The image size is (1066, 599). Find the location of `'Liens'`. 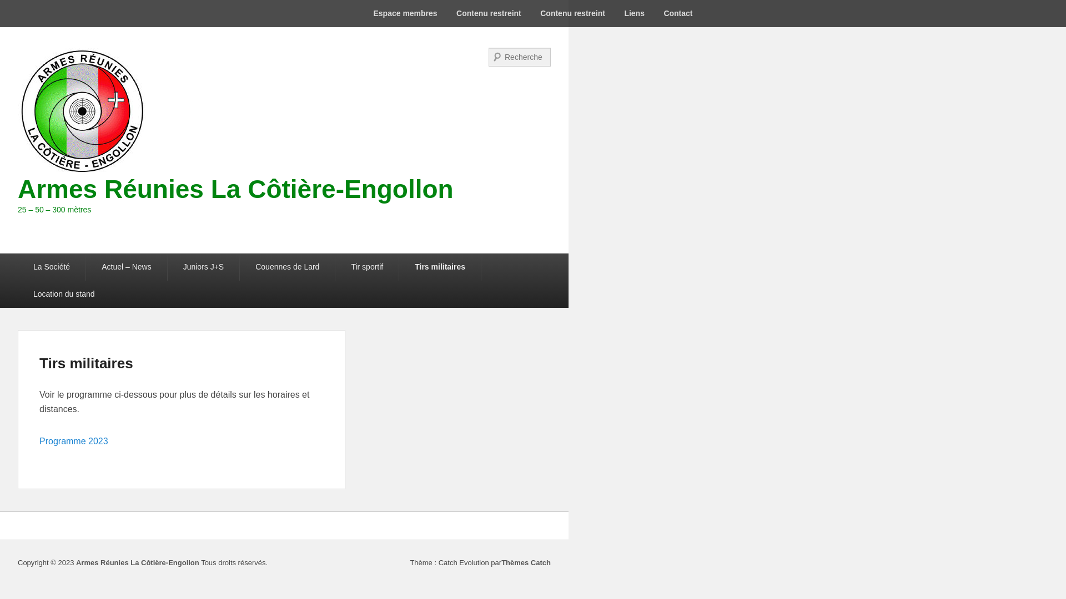

'Liens' is located at coordinates (634, 13).